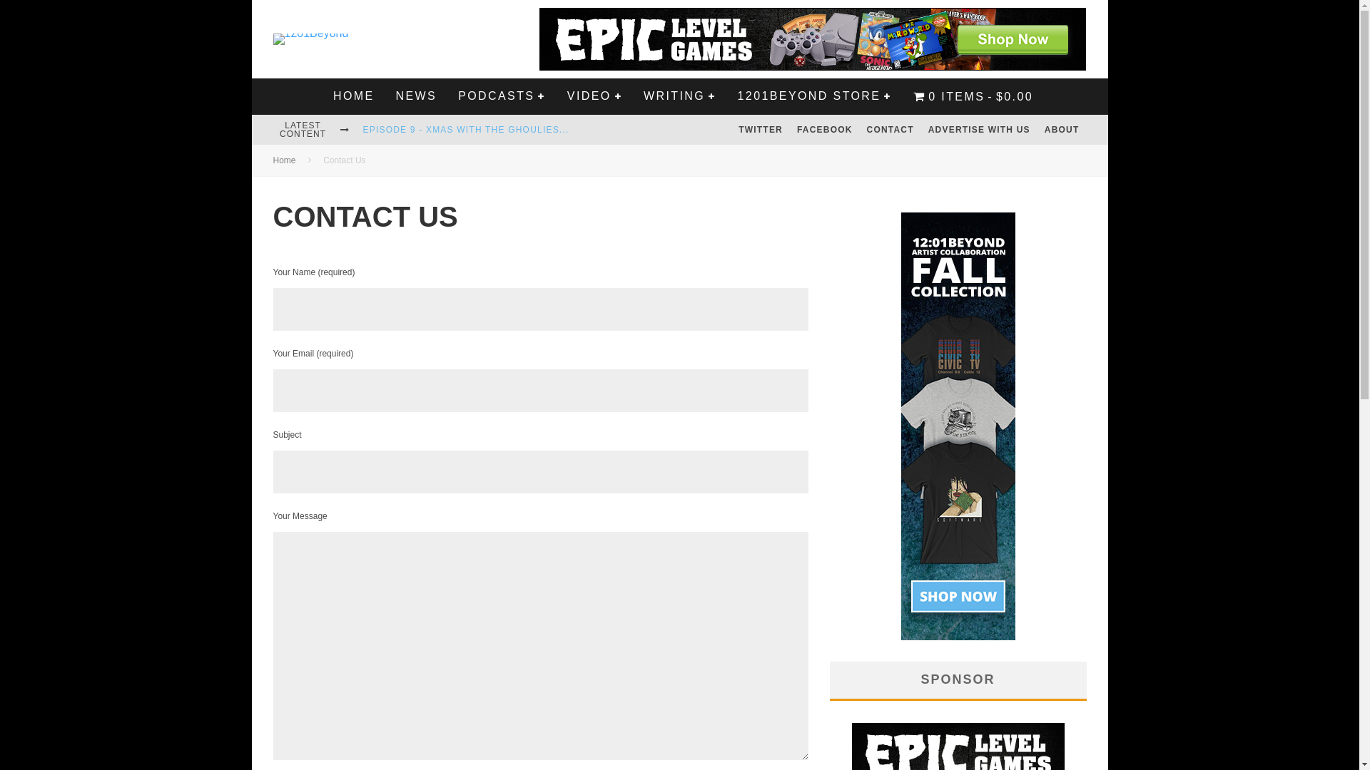 This screenshot has width=1370, height=770. Describe the element at coordinates (353, 96) in the screenshot. I see `'HOME'` at that location.